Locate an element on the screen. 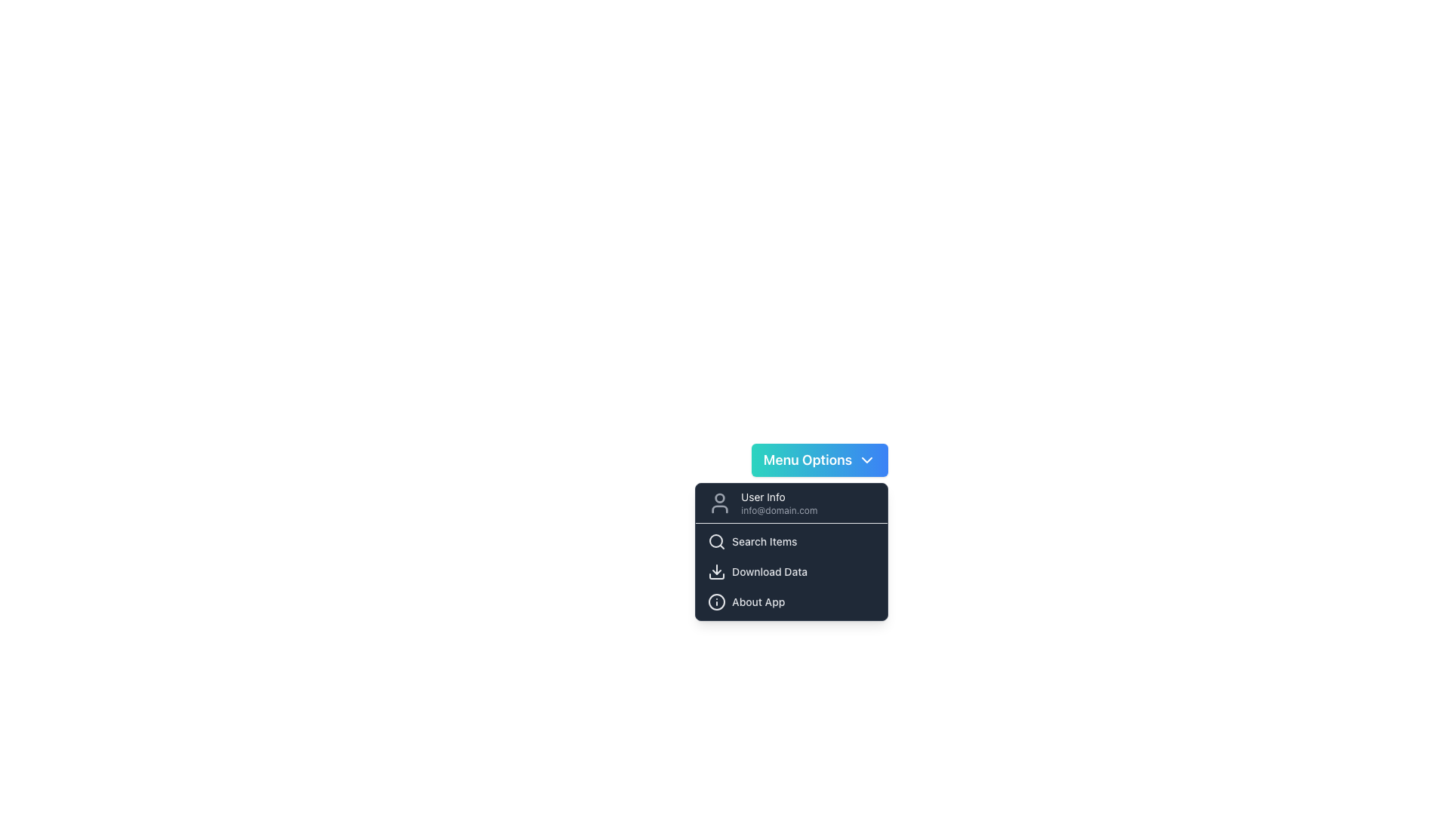 The width and height of the screenshot is (1449, 815). the Display card that contains a profile icon on the left, 'User Info' in white text, and 'info@domain.com' in light gray text, located just below the 'Menu Options' header is located at coordinates (791, 503).